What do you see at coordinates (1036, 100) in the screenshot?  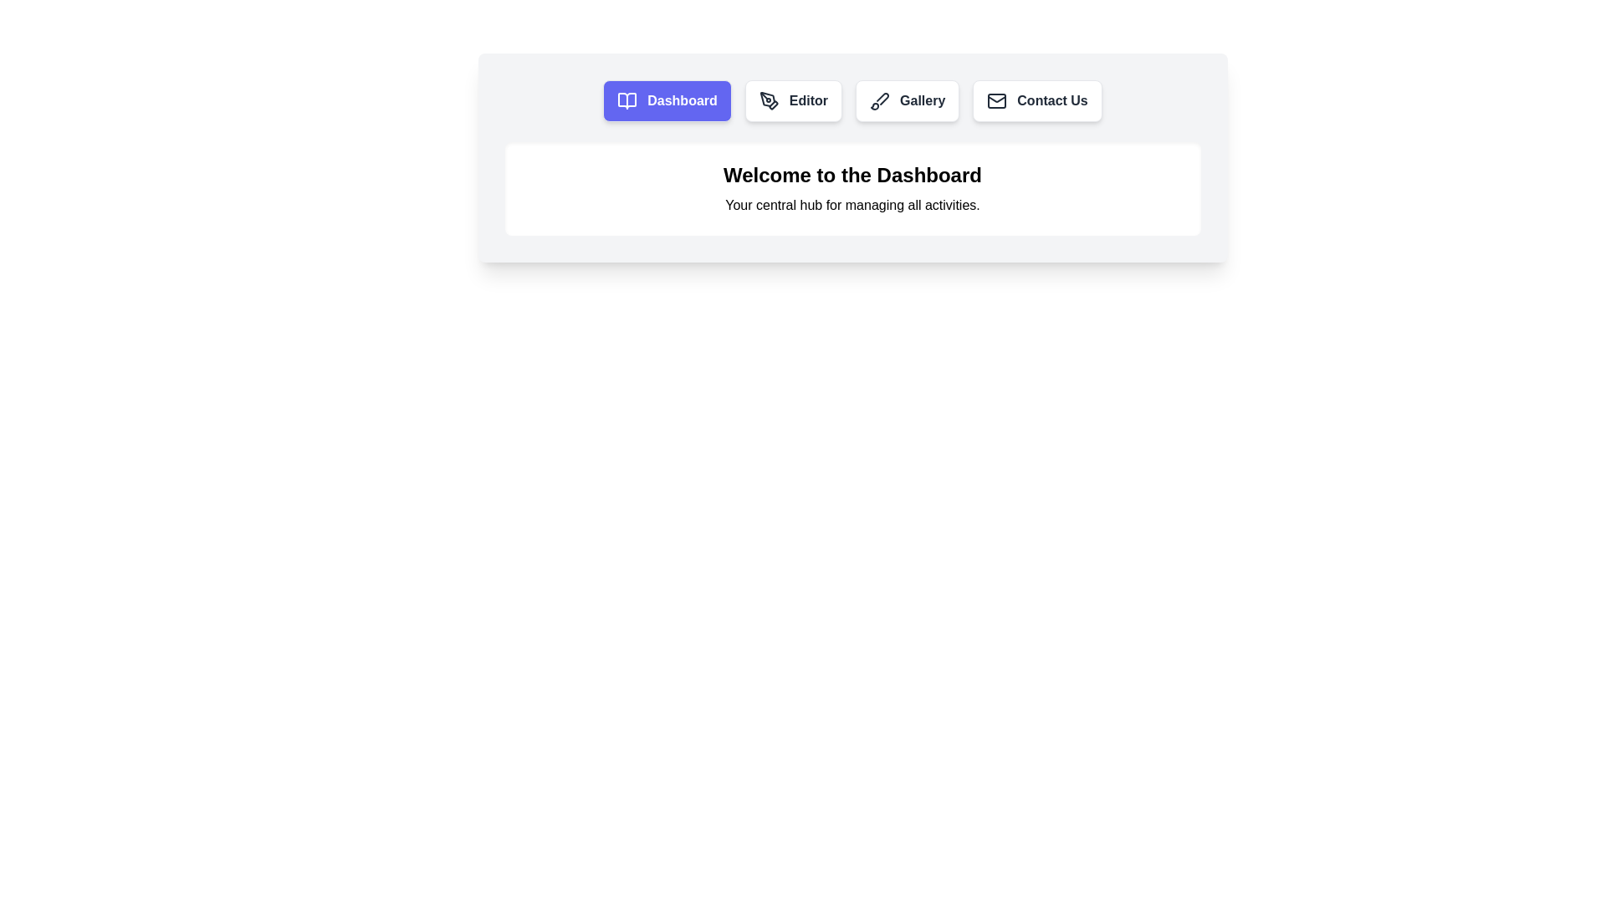 I see `the 'Contact Us' button, which is a rectangular button with rounded corners, white background, mail icon, and bold text, located near the top center of the page` at bounding box center [1036, 100].